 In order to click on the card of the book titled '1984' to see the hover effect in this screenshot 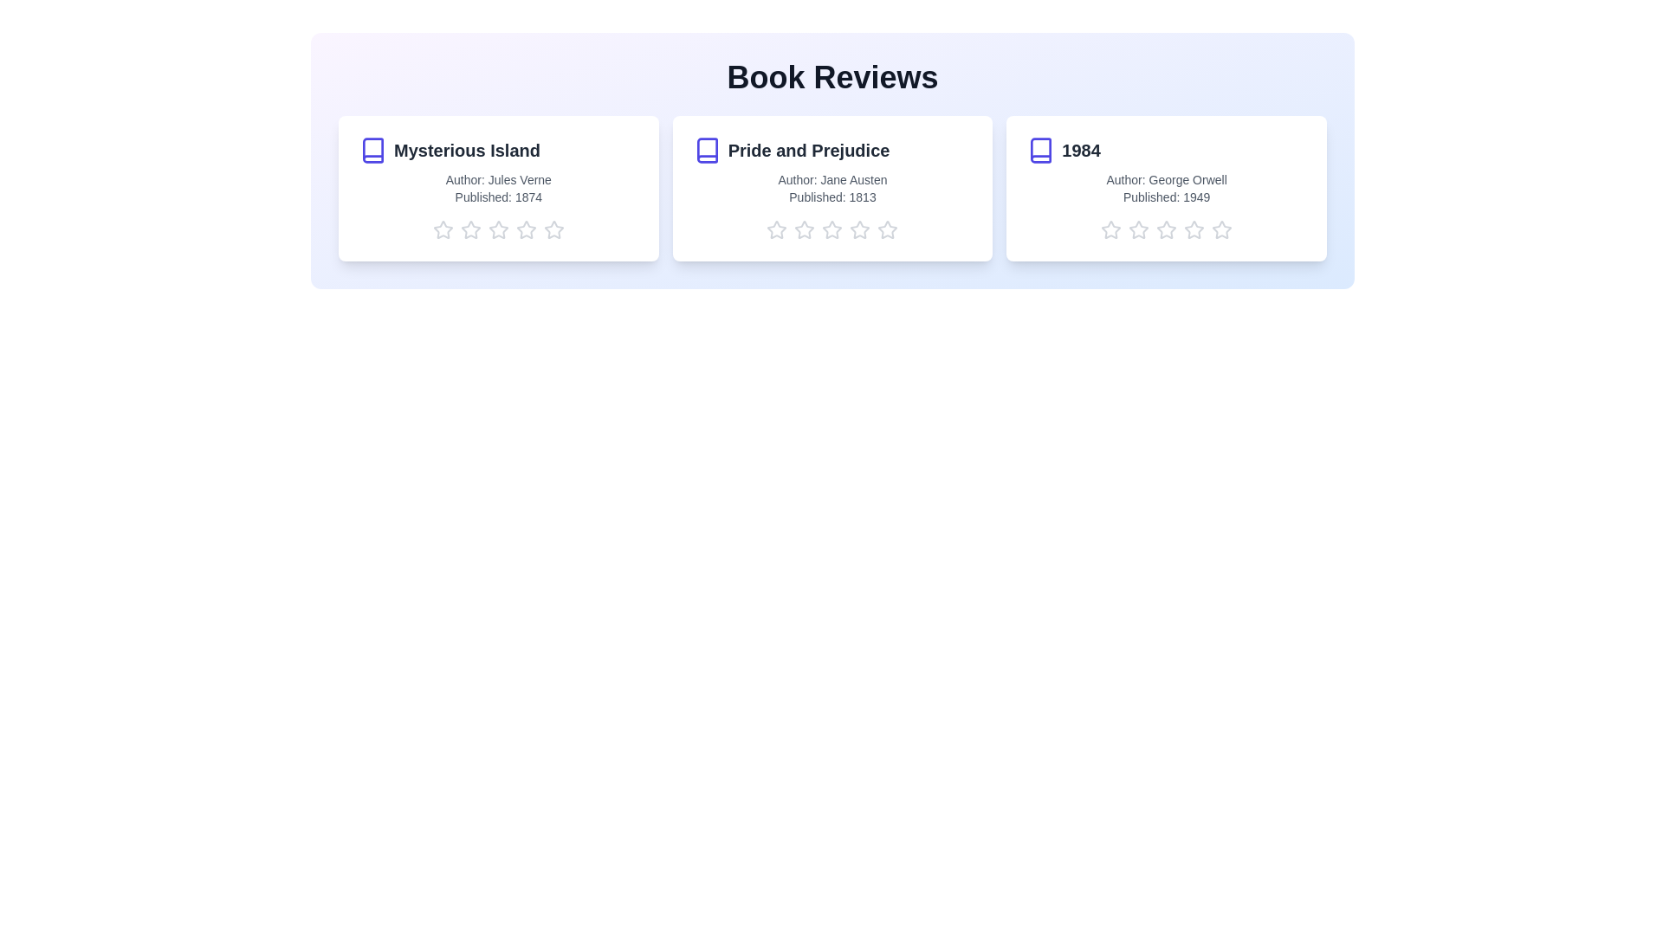, I will do `click(1167, 189)`.